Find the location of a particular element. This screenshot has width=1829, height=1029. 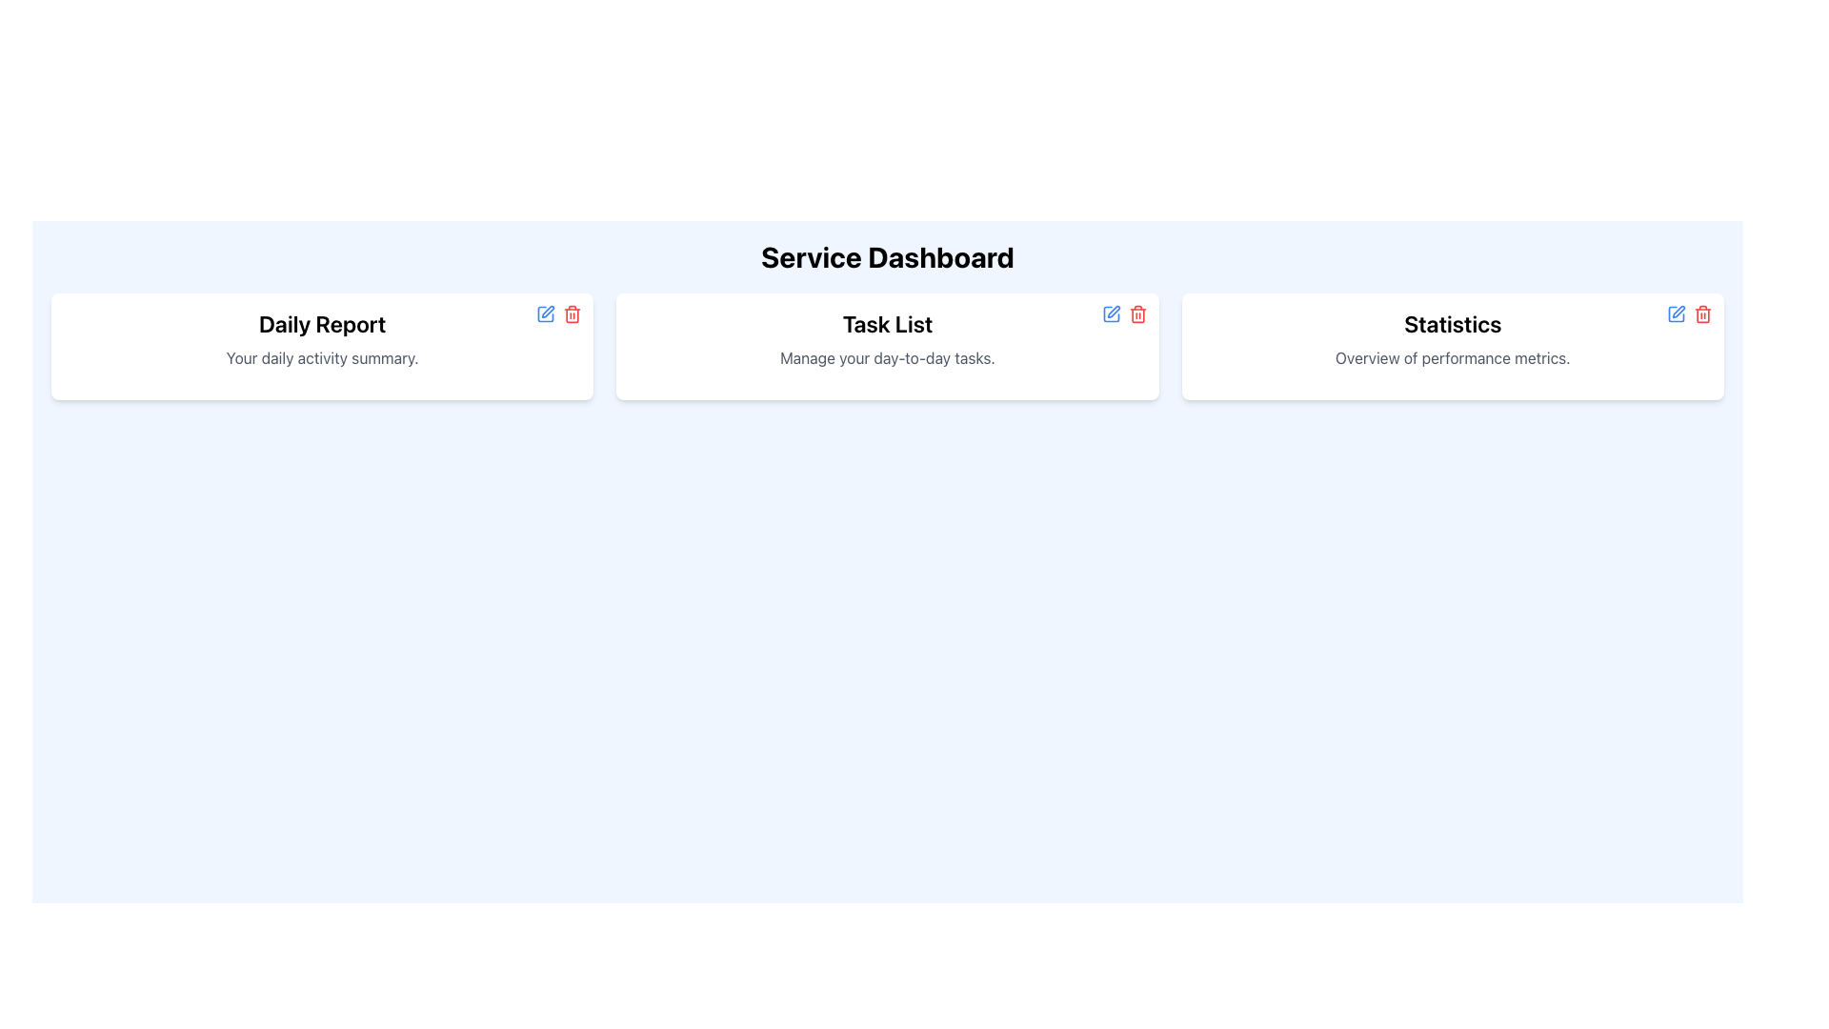

the text element that provides context for the 'Statistics' section, located below the 'Statistics' header in the card layout is located at coordinates (1452, 357).